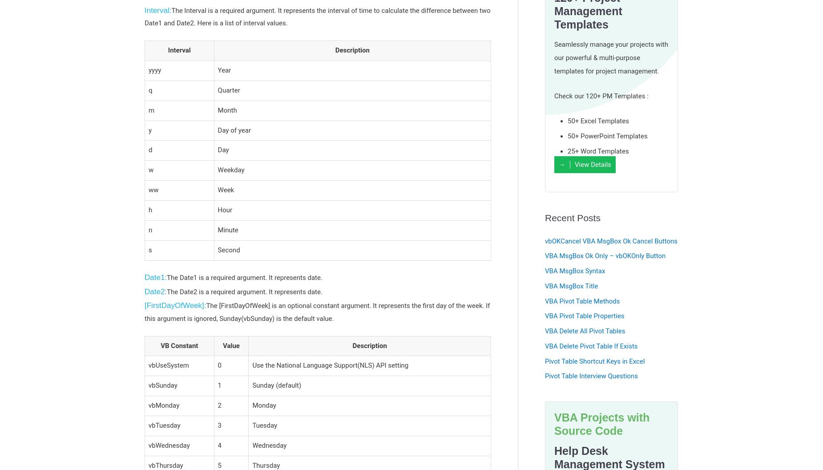 This screenshot has height=470, width=823. I want to click on 'h', so click(149, 209).